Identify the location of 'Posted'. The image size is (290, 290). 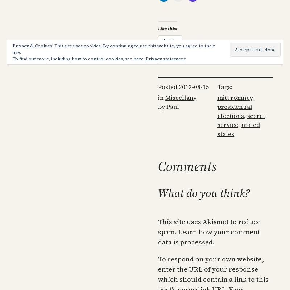
(167, 86).